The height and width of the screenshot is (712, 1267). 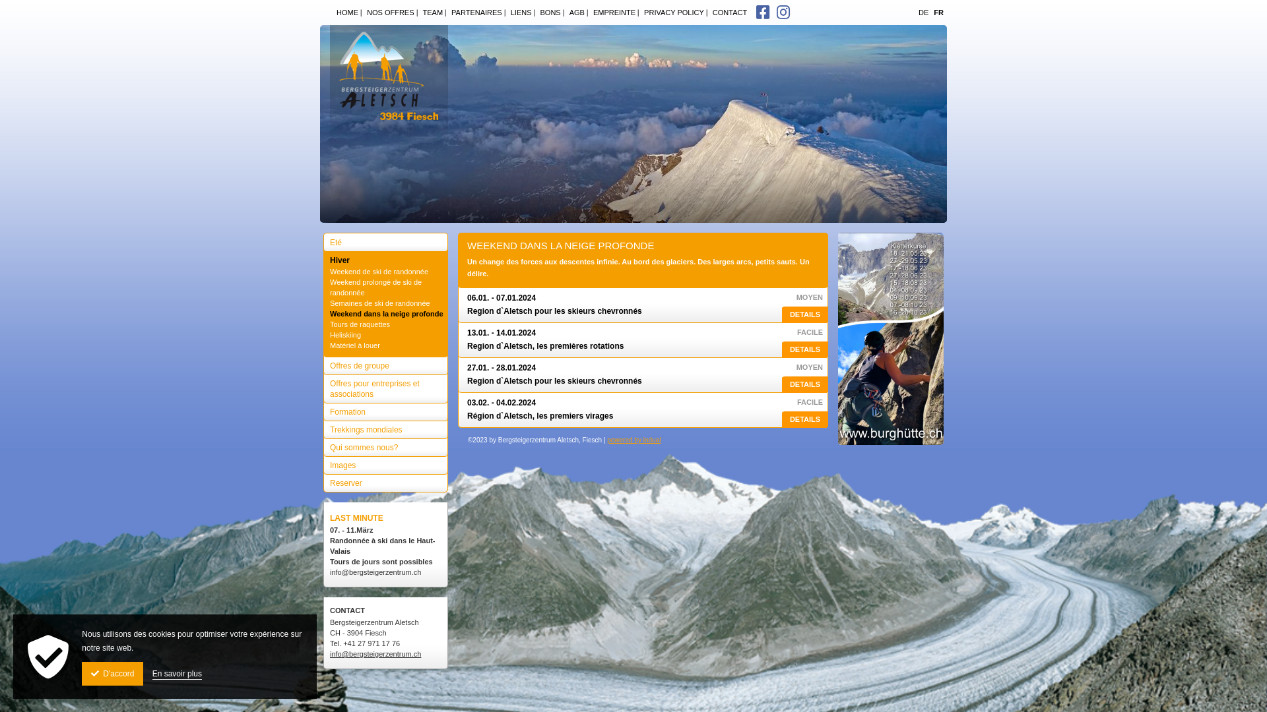 I want to click on 'DE', so click(x=923, y=13).